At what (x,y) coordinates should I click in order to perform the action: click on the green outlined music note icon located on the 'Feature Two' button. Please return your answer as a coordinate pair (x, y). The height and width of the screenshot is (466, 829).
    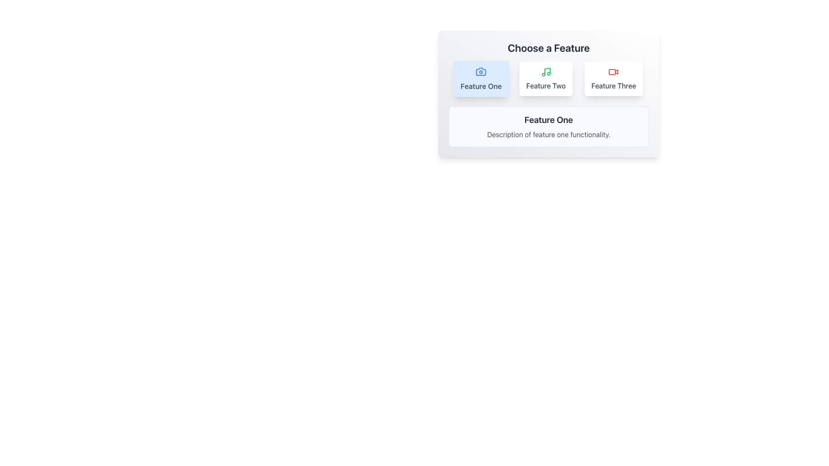
    Looking at the image, I should click on (545, 71).